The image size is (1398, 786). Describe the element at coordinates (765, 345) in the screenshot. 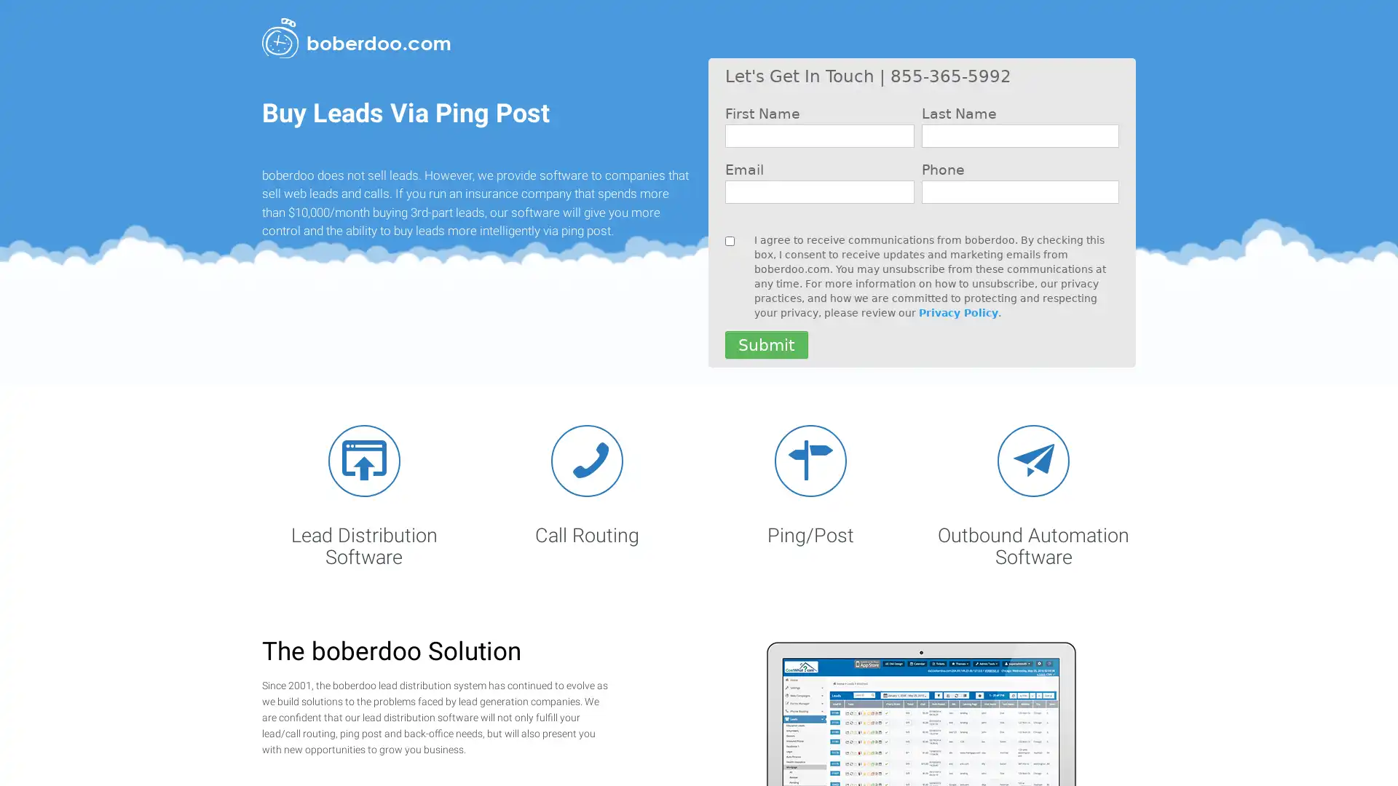

I see `Submit` at that location.